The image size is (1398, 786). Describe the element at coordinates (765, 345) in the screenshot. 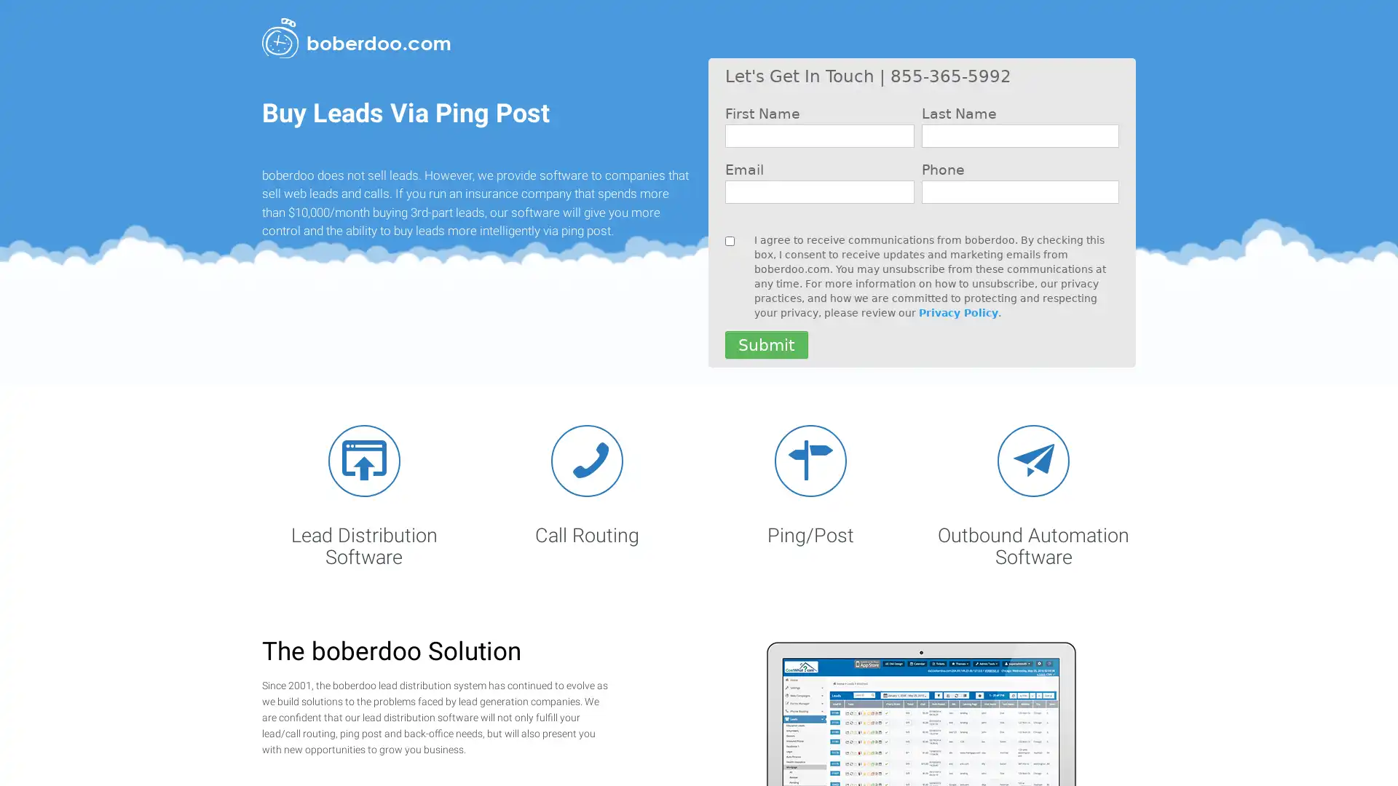

I see `Submit` at that location.